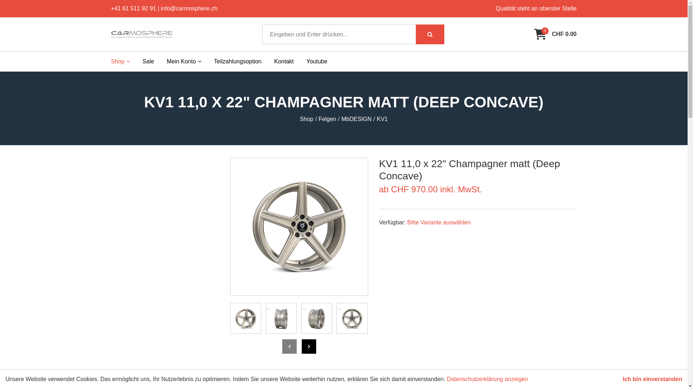 The height and width of the screenshot is (389, 693). What do you see at coordinates (540, 34) in the screenshot?
I see `'Warenkorb'` at bounding box center [540, 34].